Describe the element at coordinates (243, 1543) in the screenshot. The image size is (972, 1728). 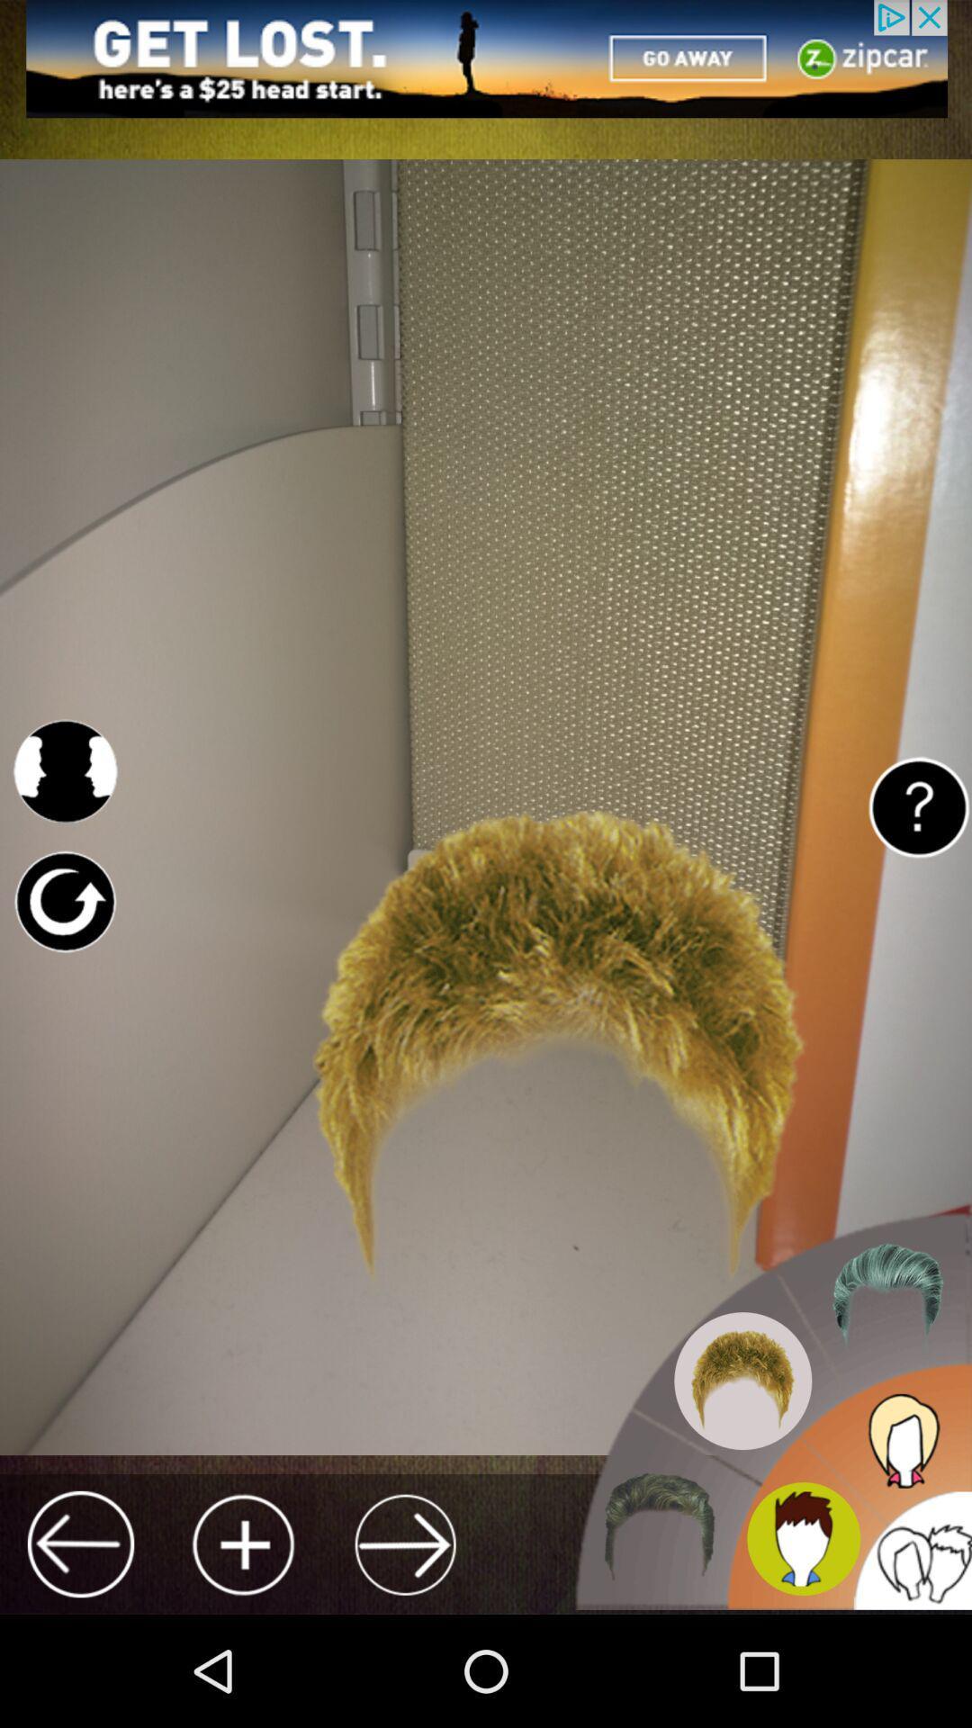
I see `button plus` at that location.